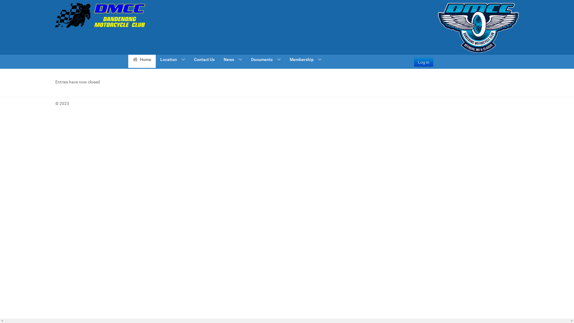 The width and height of the screenshot is (574, 323). Describe the element at coordinates (232, 59) in the screenshot. I see `'News'` at that location.